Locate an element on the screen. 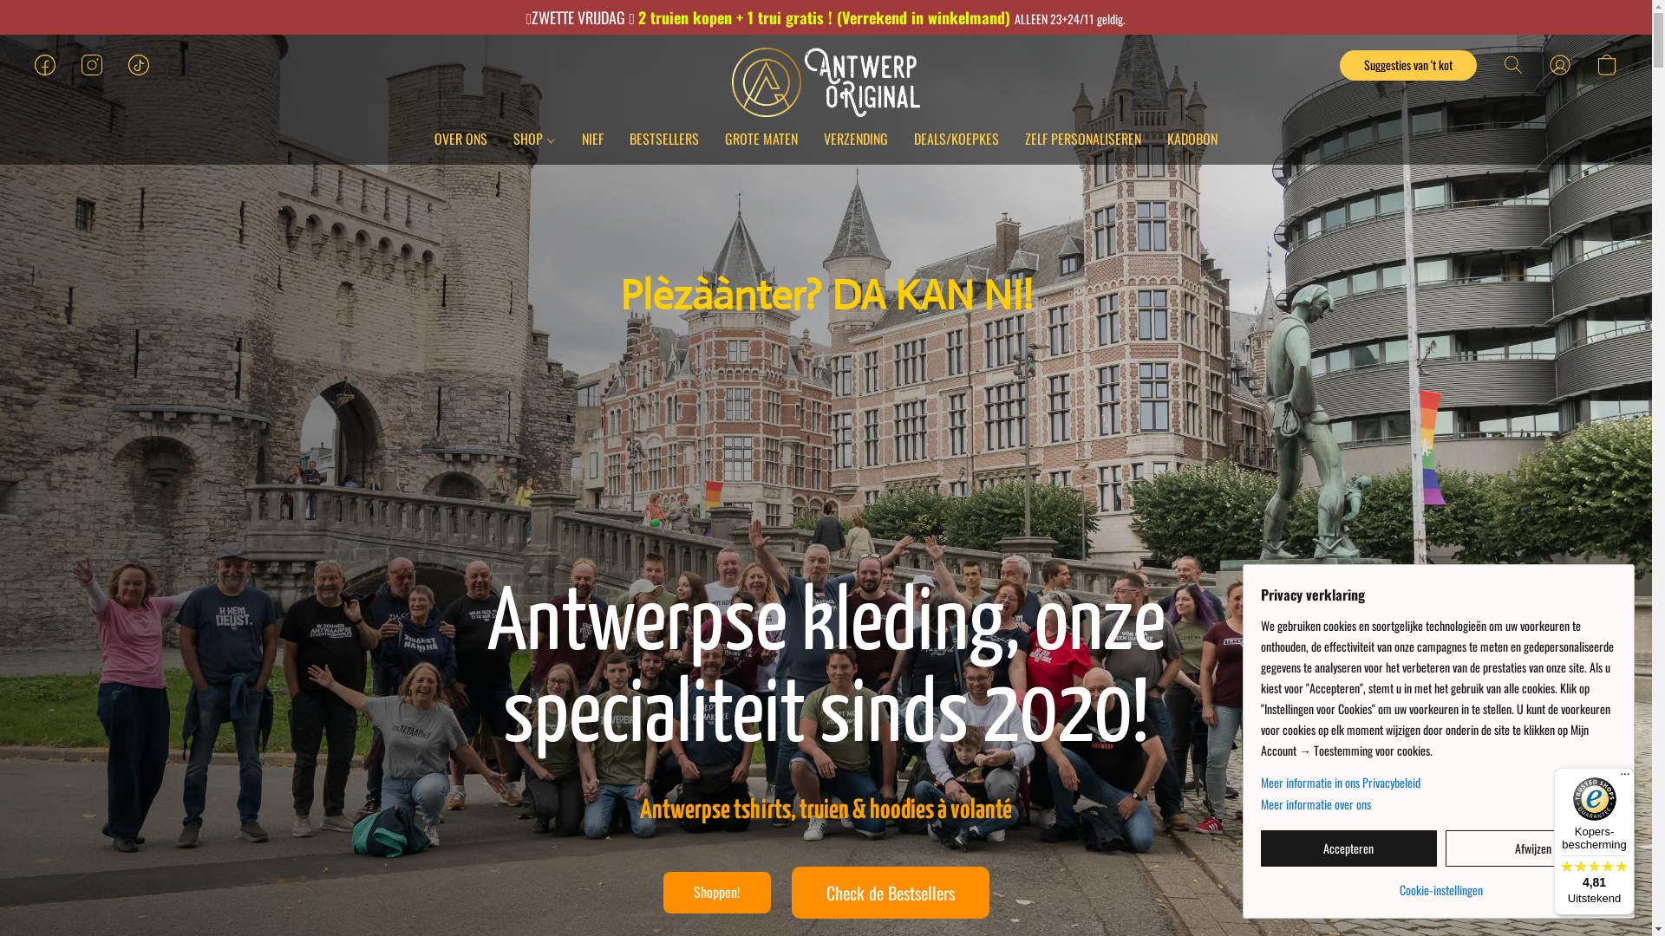 This screenshot has width=1665, height=936. 'DEALS/KOEPKES' is located at coordinates (956, 137).